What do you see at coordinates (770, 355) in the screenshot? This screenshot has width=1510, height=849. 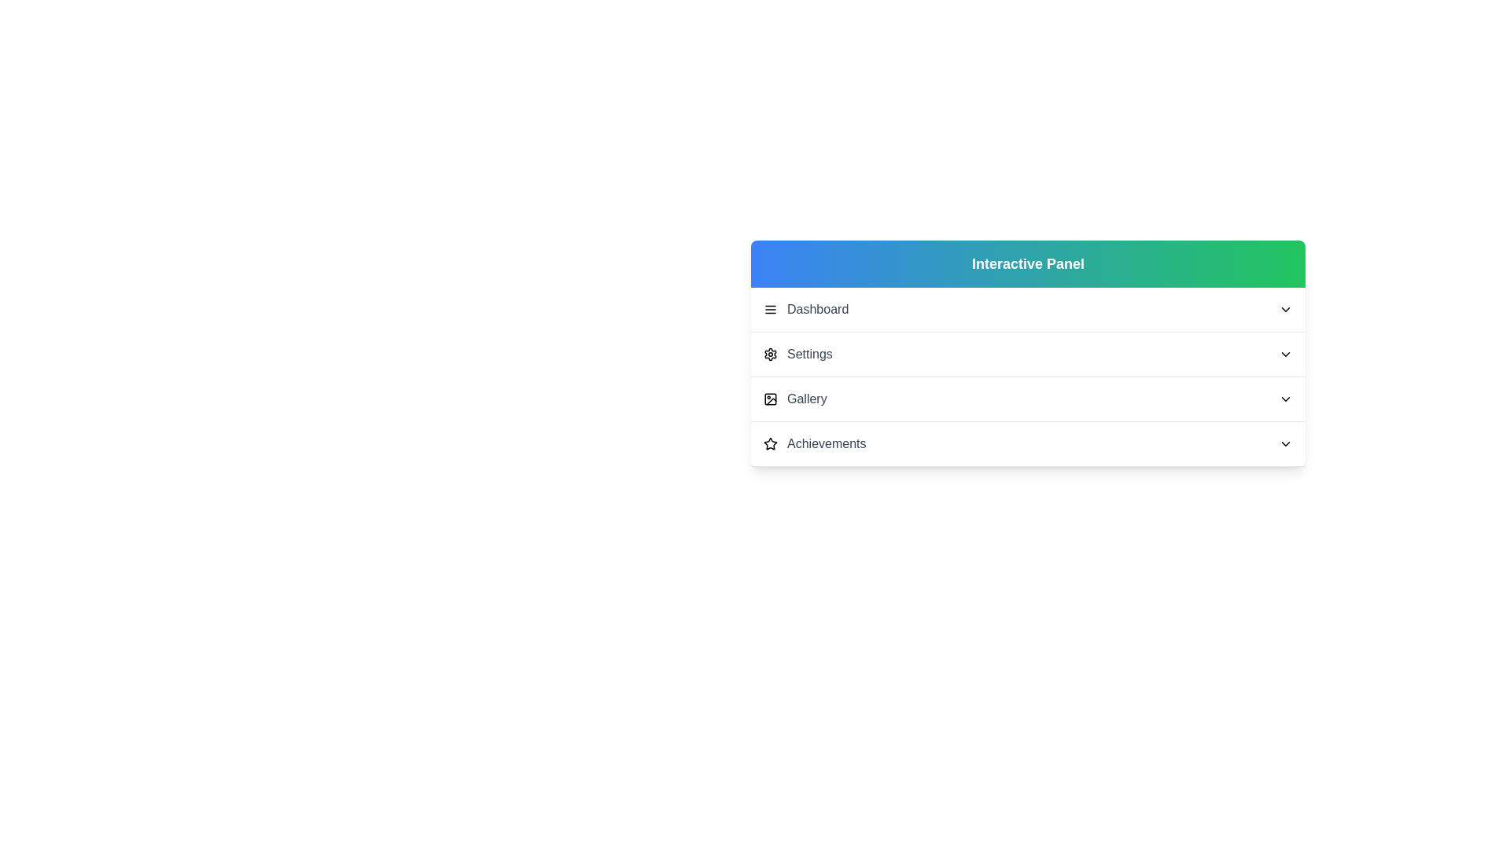 I see `the 'Settings' icon located in the second row of the Interactive Panel, which indicates the 'Settings' functionality` at bounding box center [770, 355].